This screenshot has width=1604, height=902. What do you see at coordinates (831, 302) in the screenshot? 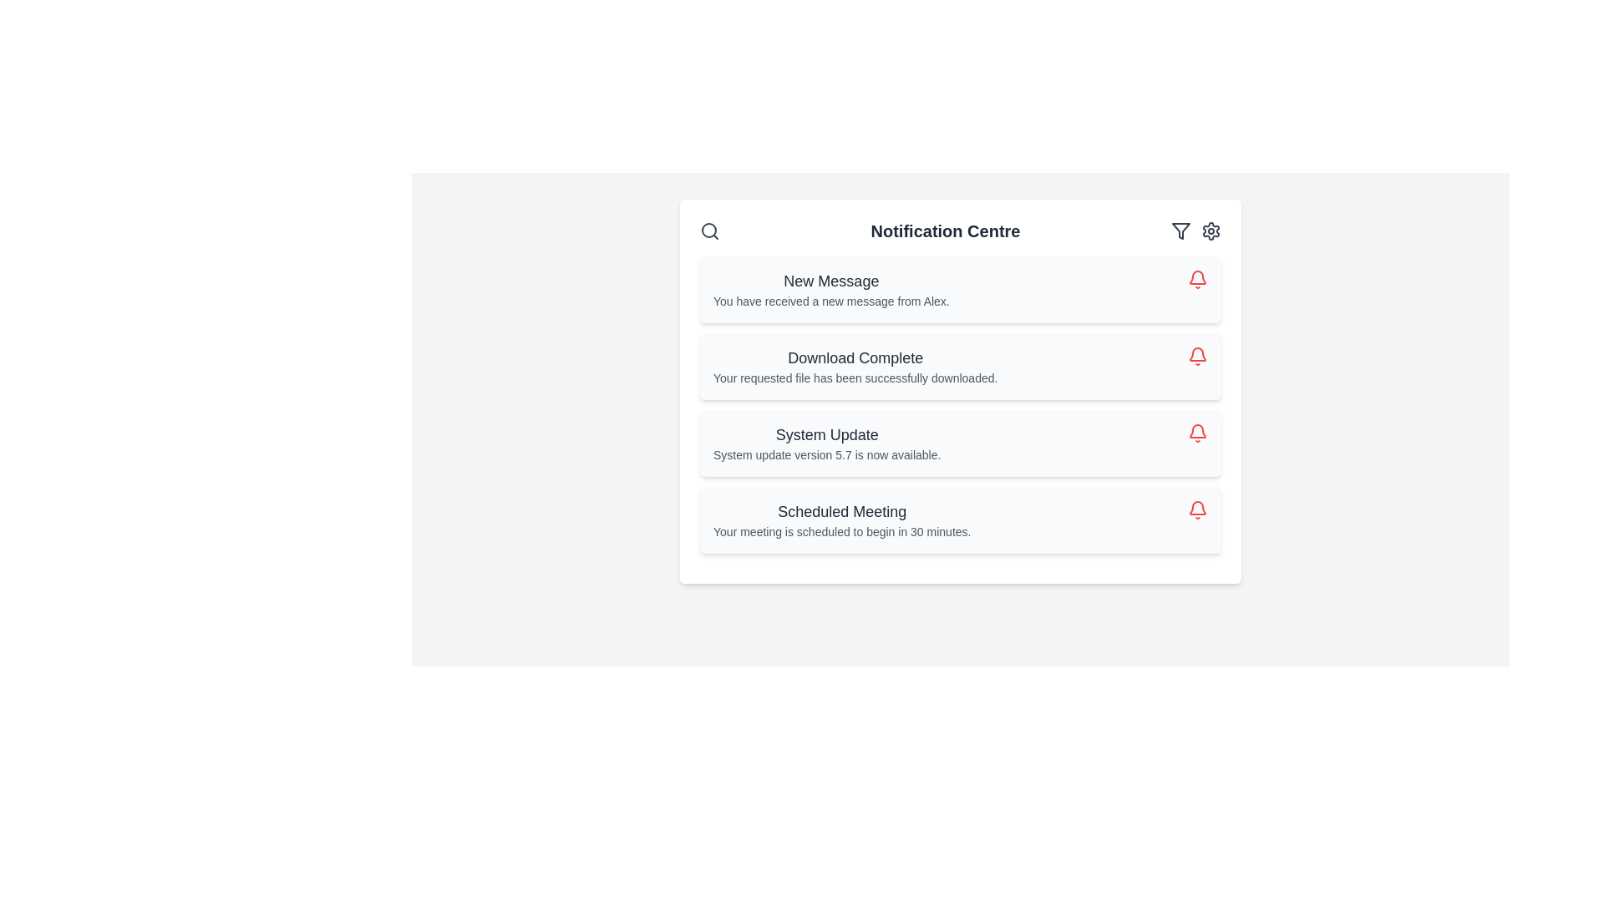
I see `detailed message text located directly below the 'New Message' title in the first notification card` at bounding box center [831, 302].